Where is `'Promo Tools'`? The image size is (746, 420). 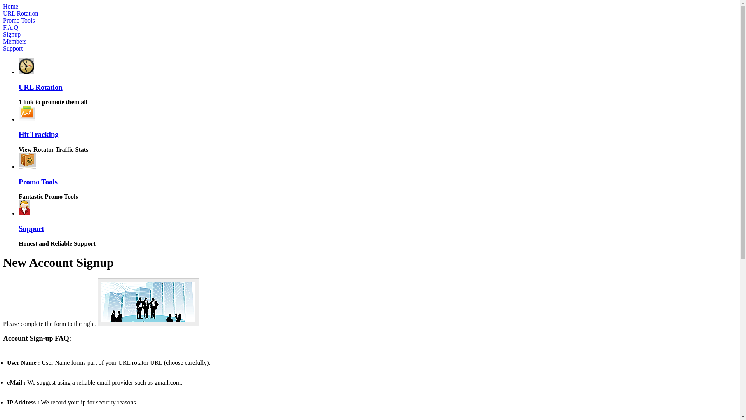
'Promo Tools' is located at coordinates (19, 20).